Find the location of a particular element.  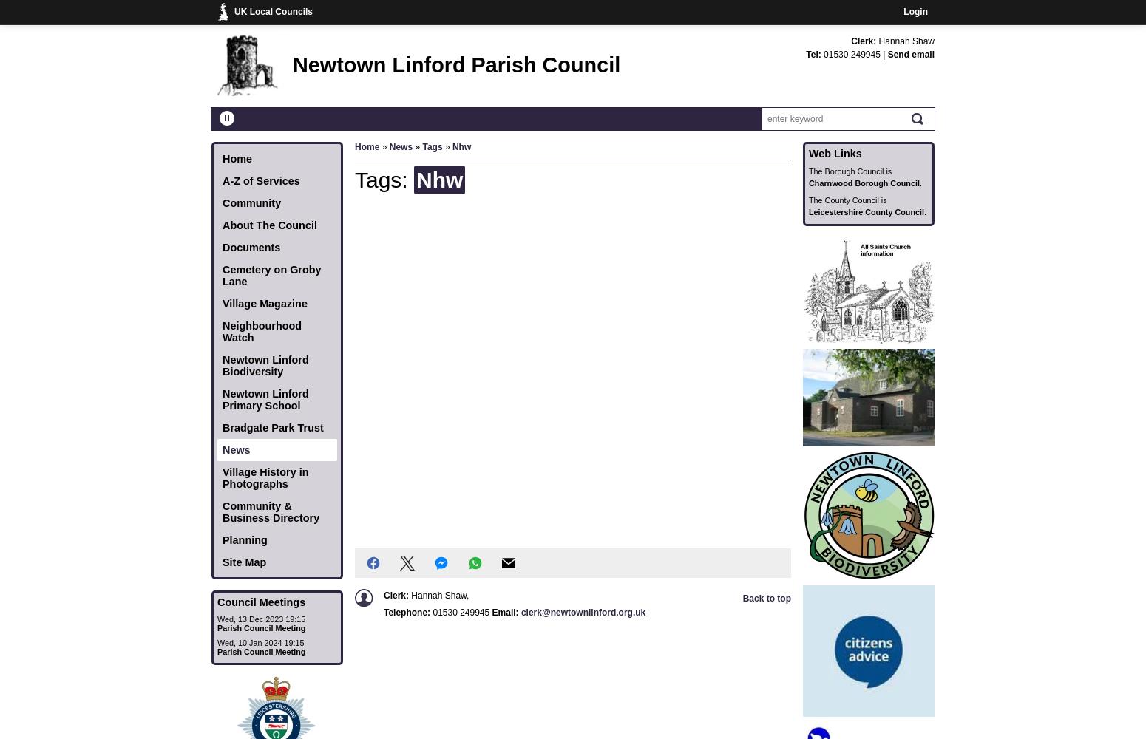

'Hannah Shaw' is located at coordinates (906, 41).